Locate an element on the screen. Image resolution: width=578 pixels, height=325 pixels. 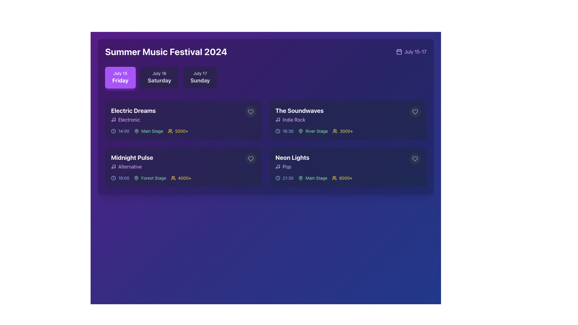
the icon representing the location for the 'Main Stage' of the 'Electric Dreams' event, which is located to the left of the text label 'Main Stage' is located at coordinates (136, 131).